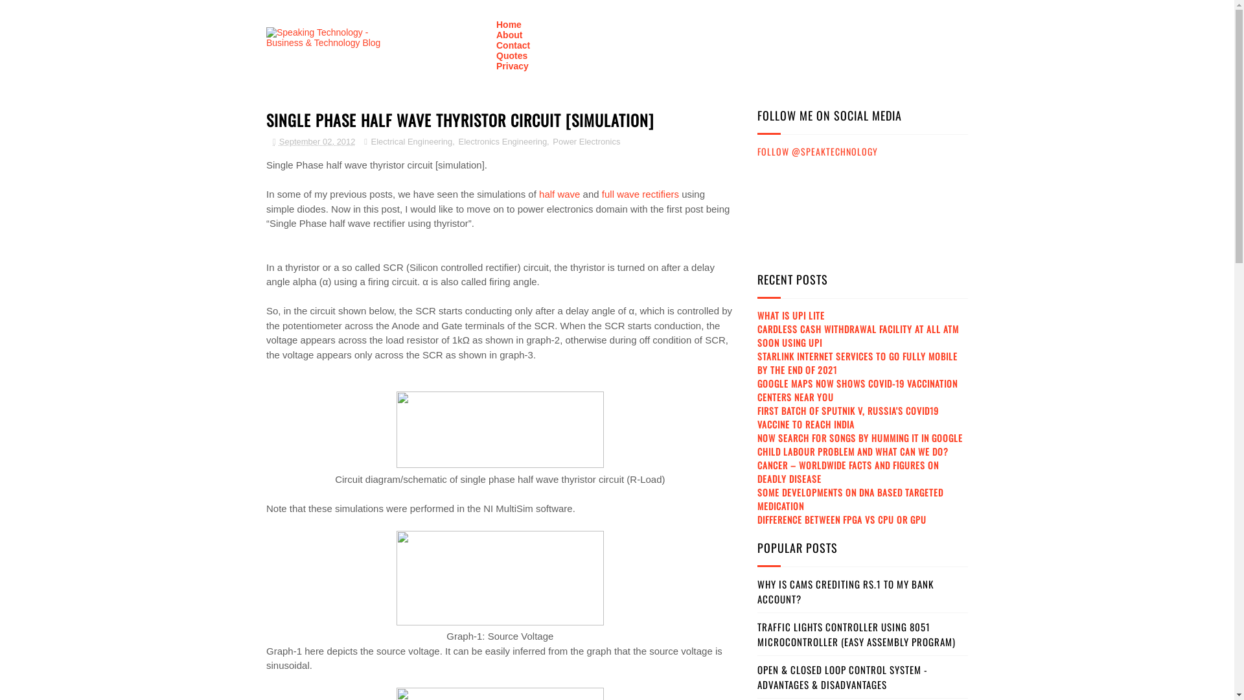 The image size is (1244, 700). I want to click on 'About', so click(496, 34).